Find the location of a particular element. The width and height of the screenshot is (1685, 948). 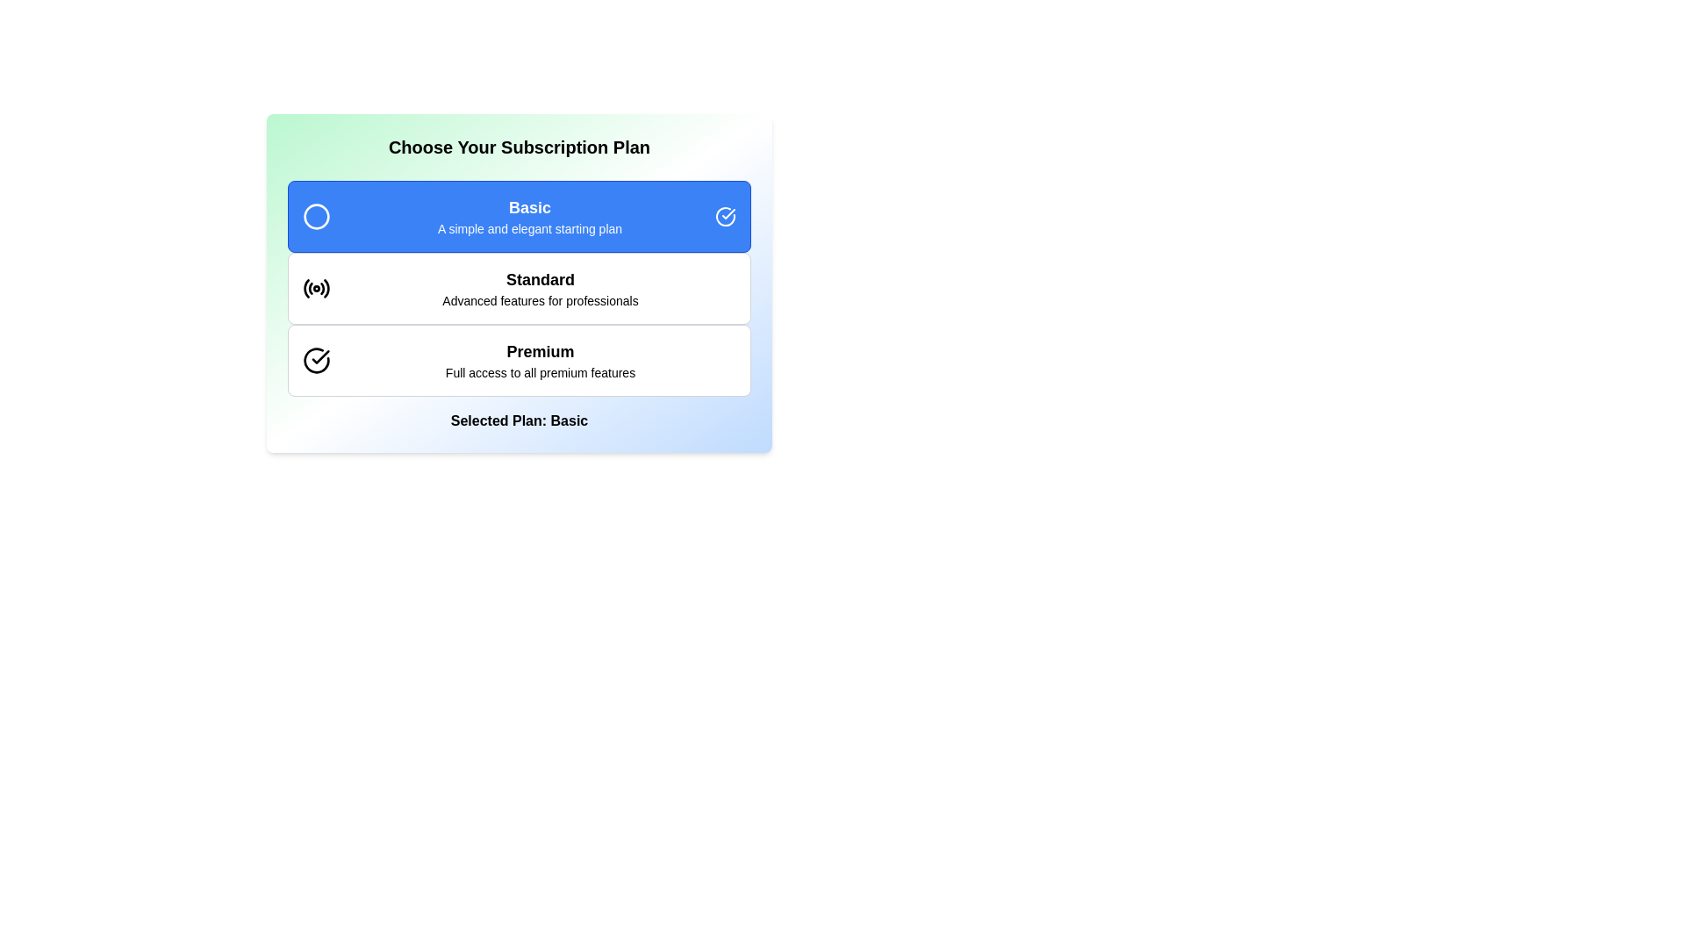

the 'Basic' text block element, which features a blue box with the text 'Basic' in bold and 'A simple and elegant starting plan' below it, positioned centrally in the subscription plan selection interface is located at coordinates (529, 215).